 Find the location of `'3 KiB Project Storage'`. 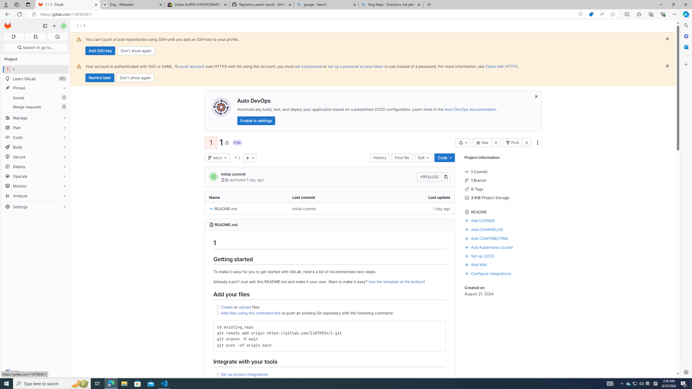

'3 KiB Project Storage' is located at coordinates (503, 197).